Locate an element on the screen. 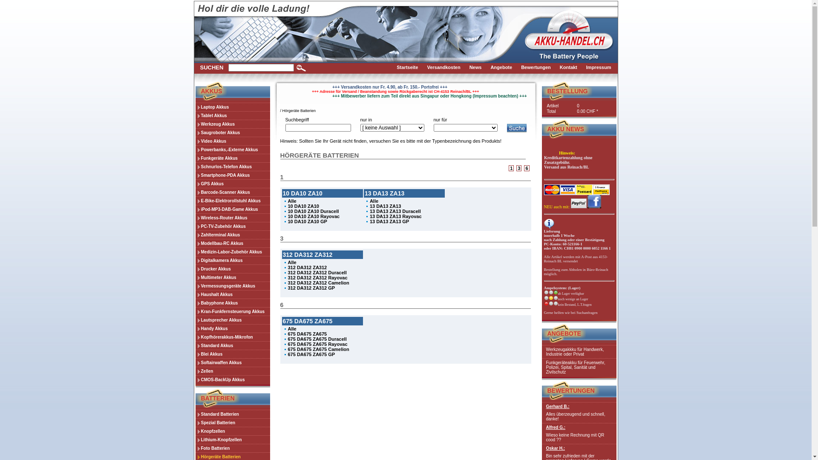 This screenshot has height=460, width=818. 'iPod-MP3-DAB-Game Akkus' is located at coordinates (232, 209).